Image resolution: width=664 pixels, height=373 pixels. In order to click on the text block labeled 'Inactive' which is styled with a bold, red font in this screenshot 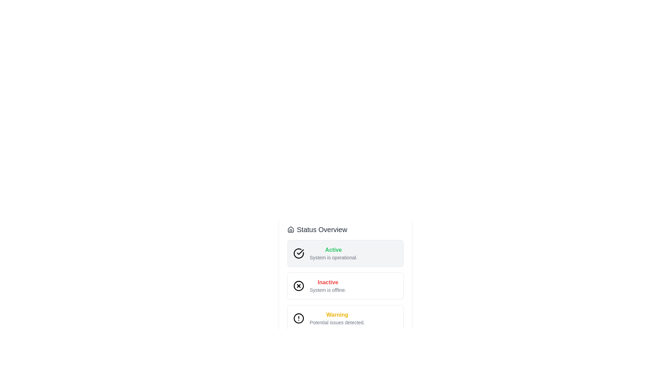, I will do `click(328, 286)`.